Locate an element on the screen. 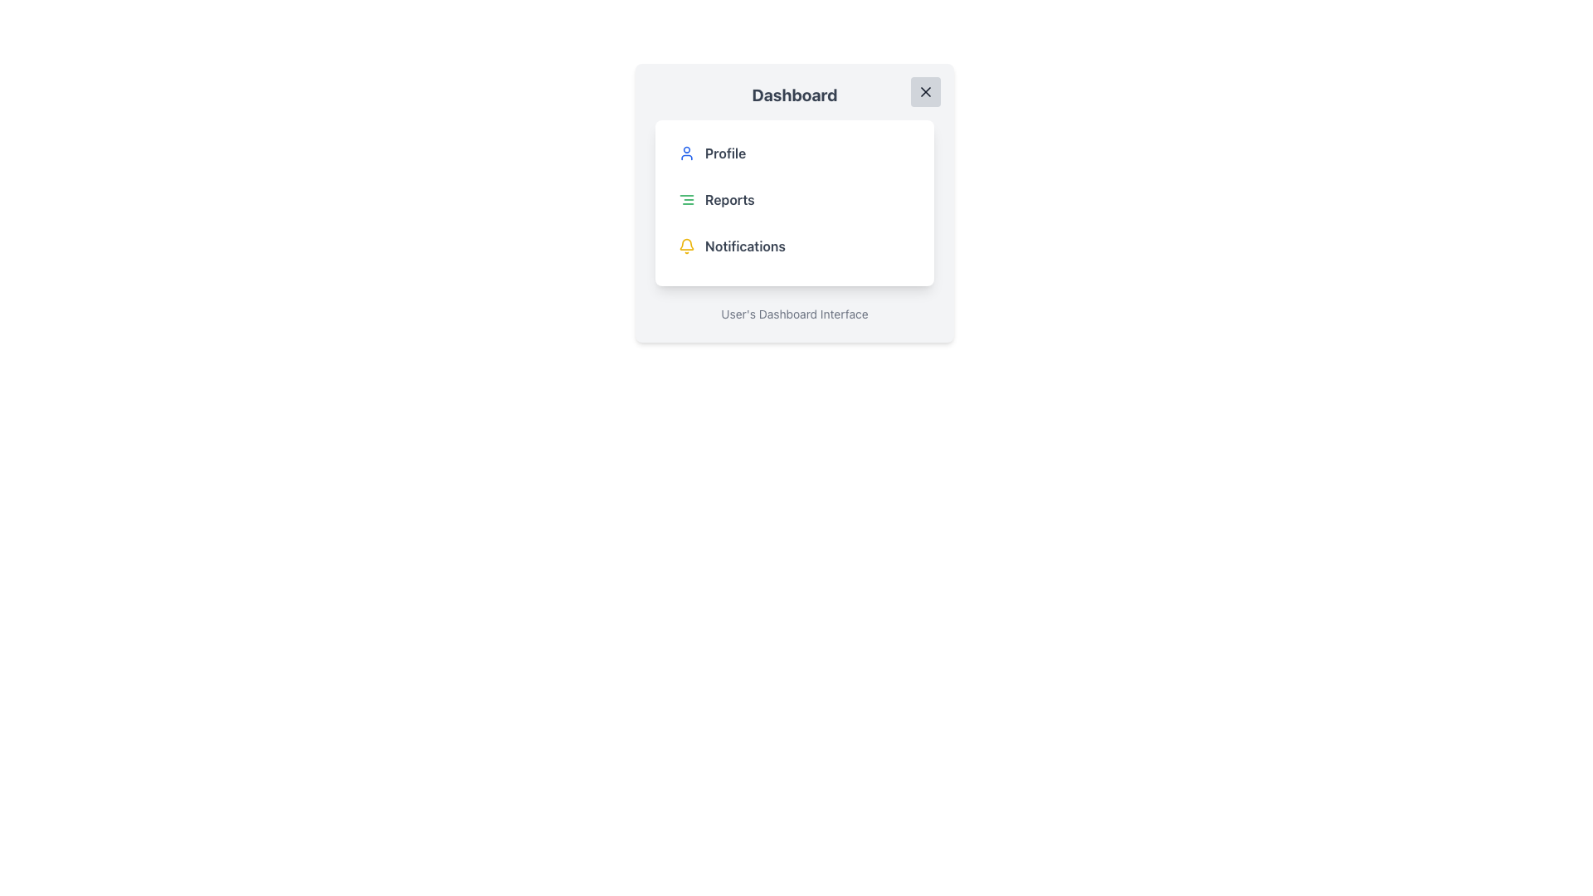  the text label element that provides descriptive information about the dashboard interface, located at the bottom-center of the dashboard pop-up panel is located at coordinates (794, 314).